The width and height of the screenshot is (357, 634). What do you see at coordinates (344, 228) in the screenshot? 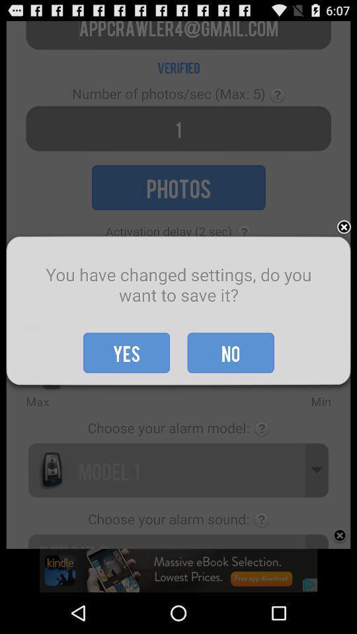
I see `exit` at bounding box center [344, 228].